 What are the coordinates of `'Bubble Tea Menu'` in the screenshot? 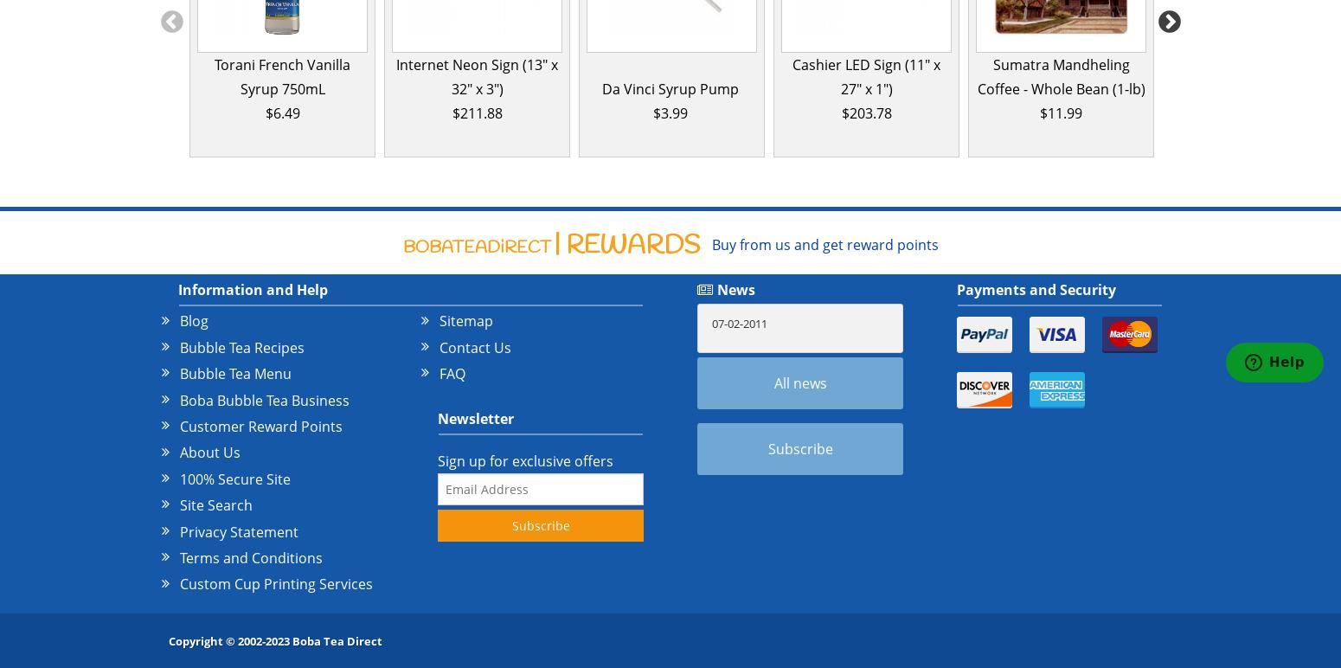 It's located at (179, 373).